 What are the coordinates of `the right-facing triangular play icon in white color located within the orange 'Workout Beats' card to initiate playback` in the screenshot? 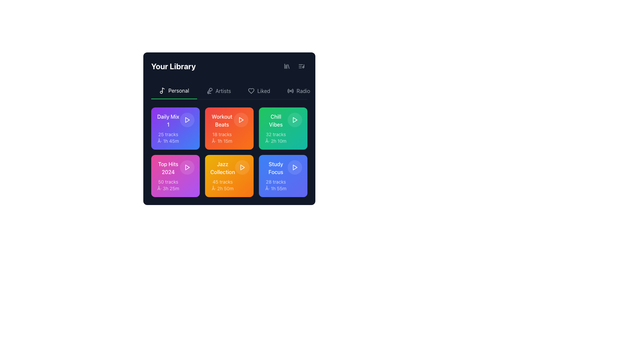 It's located at (241, 120).